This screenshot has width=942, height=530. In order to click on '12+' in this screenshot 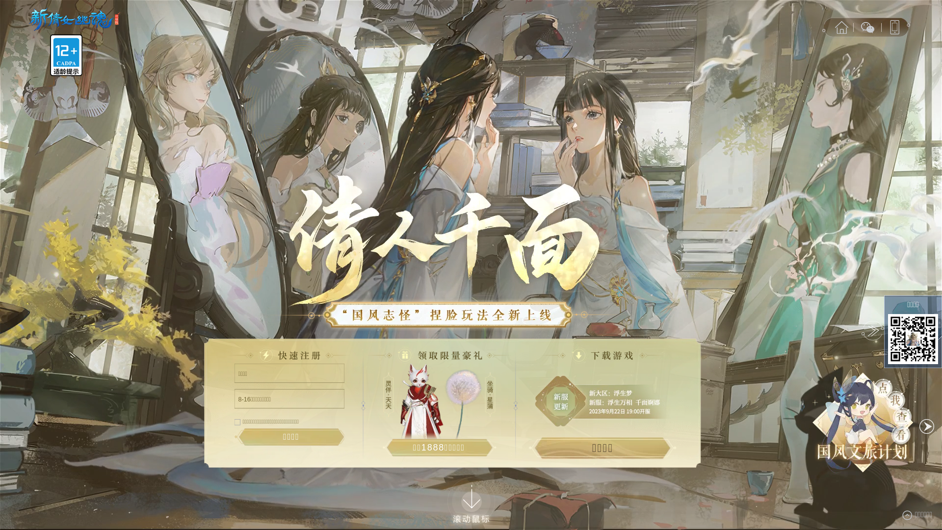, I will do `click(49, 55)`.